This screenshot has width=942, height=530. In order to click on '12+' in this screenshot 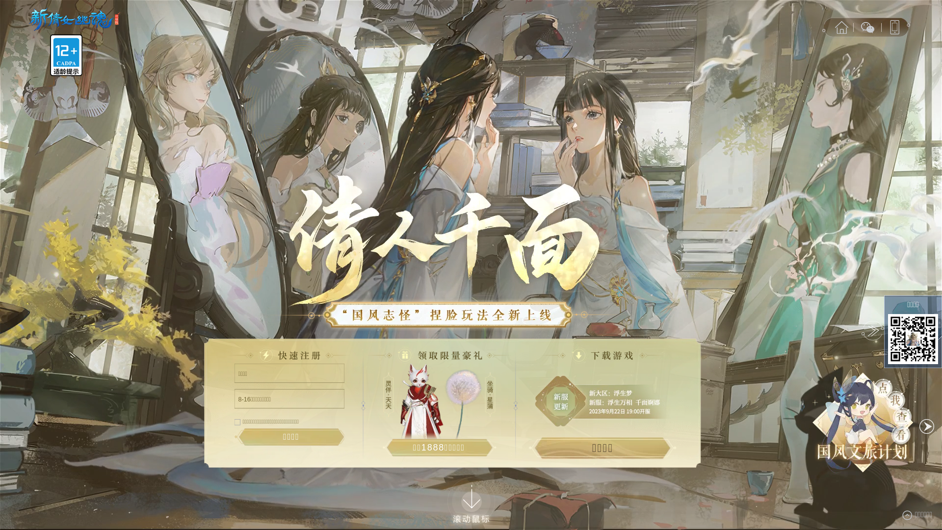, I will do `click(49, 55)`.